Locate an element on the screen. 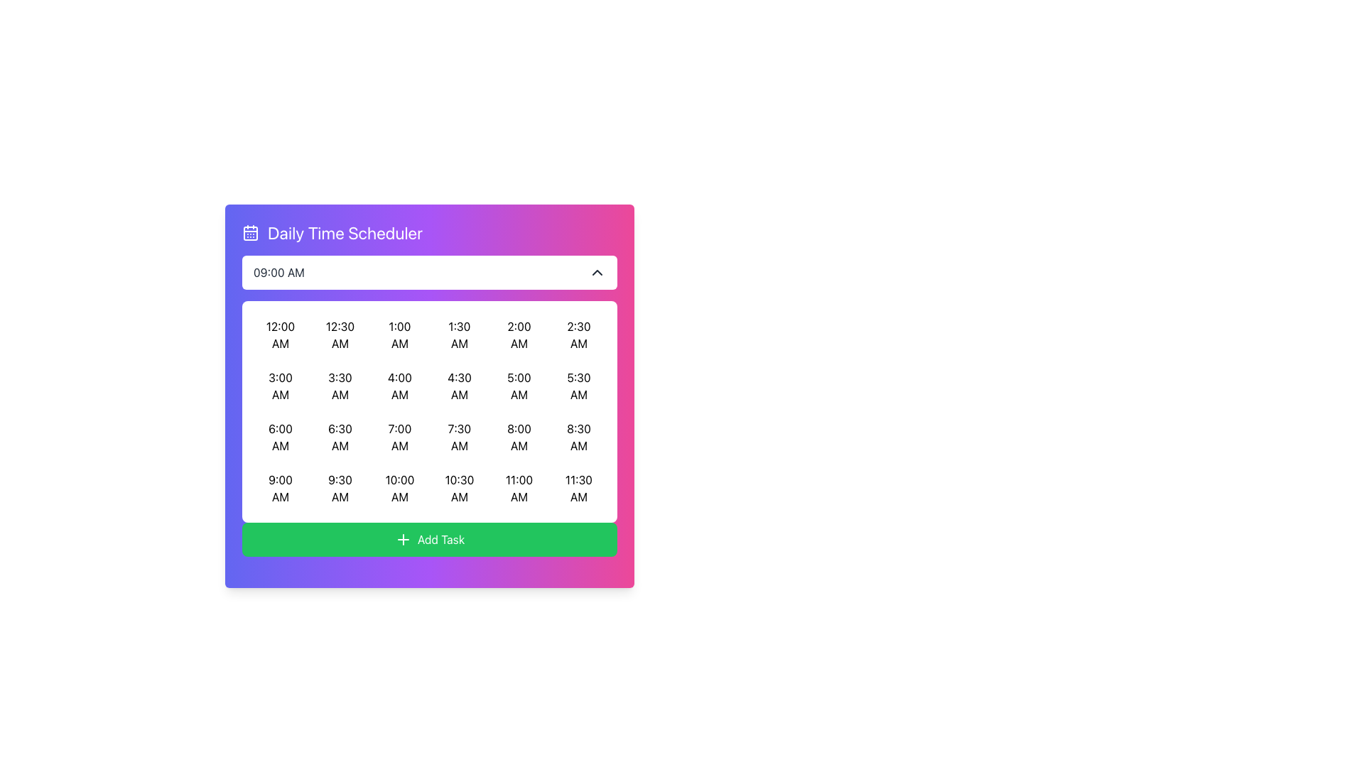 This screenshot has height=767, width=1364. the time slot button labeled '3:30 AM' located in the second row and second column of the Daily Time Scheduler grid is located at coordinates (340, 386).